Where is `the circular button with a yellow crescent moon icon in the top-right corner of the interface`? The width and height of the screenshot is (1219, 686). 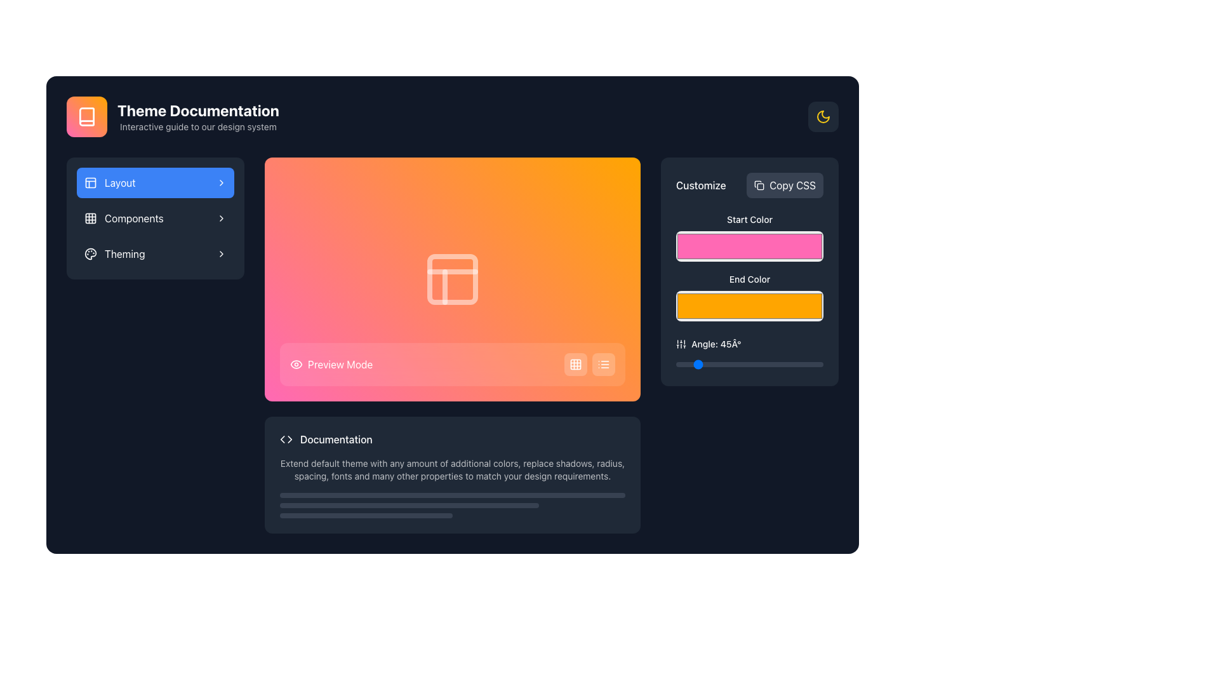 the circular button with a yellow crescent moon icon in the top-right corner of the interface is located at coordinates (823, 117).